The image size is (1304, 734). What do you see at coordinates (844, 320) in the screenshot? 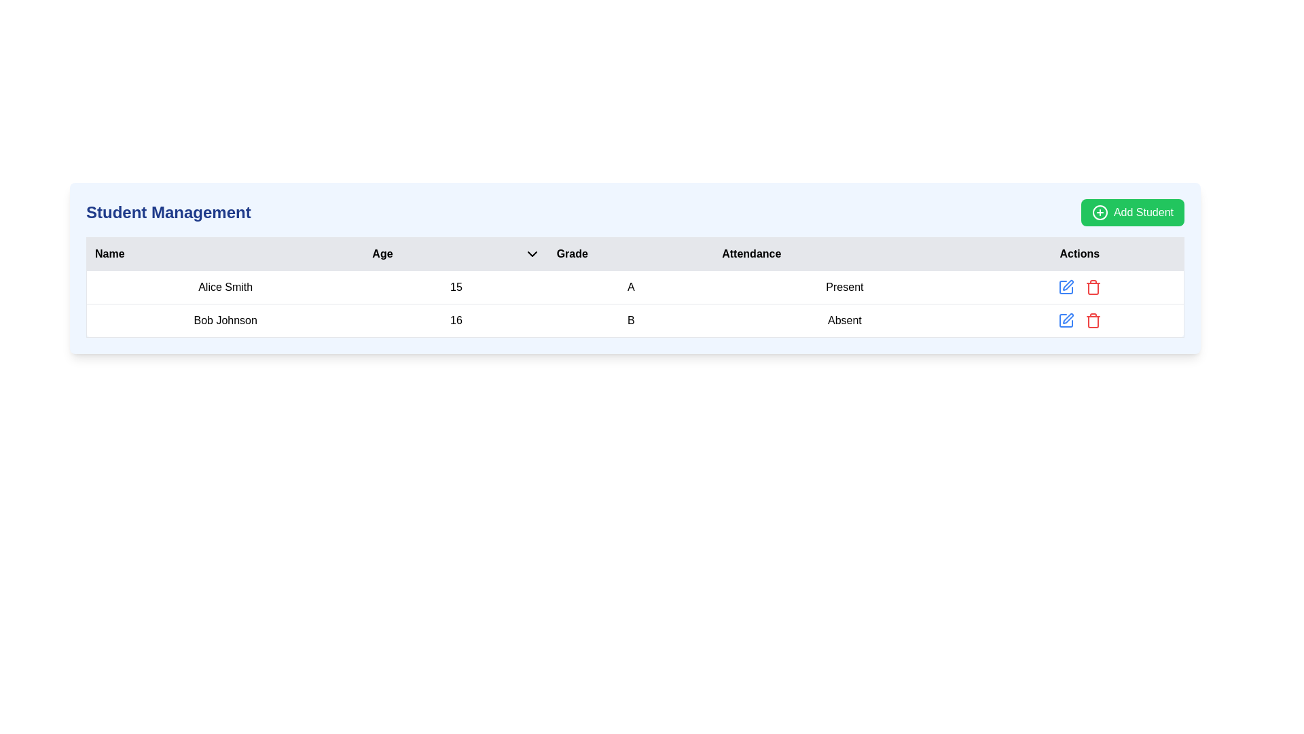
I see `the text label that displays 'Absent', located in the fourth column of the second row under the 'Attendance' header in the table` at bounding box center [844, 320].